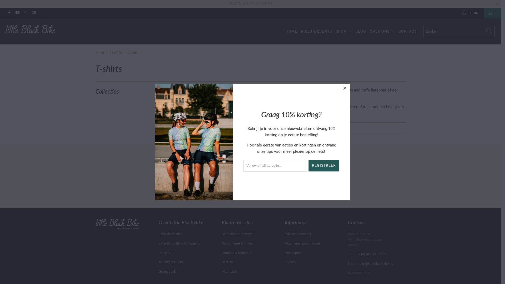 The image size is (505, 284). Describe the element at coordinates (179, 243) in the screenshot. I see `'Little Black Bike Community'` at that location.